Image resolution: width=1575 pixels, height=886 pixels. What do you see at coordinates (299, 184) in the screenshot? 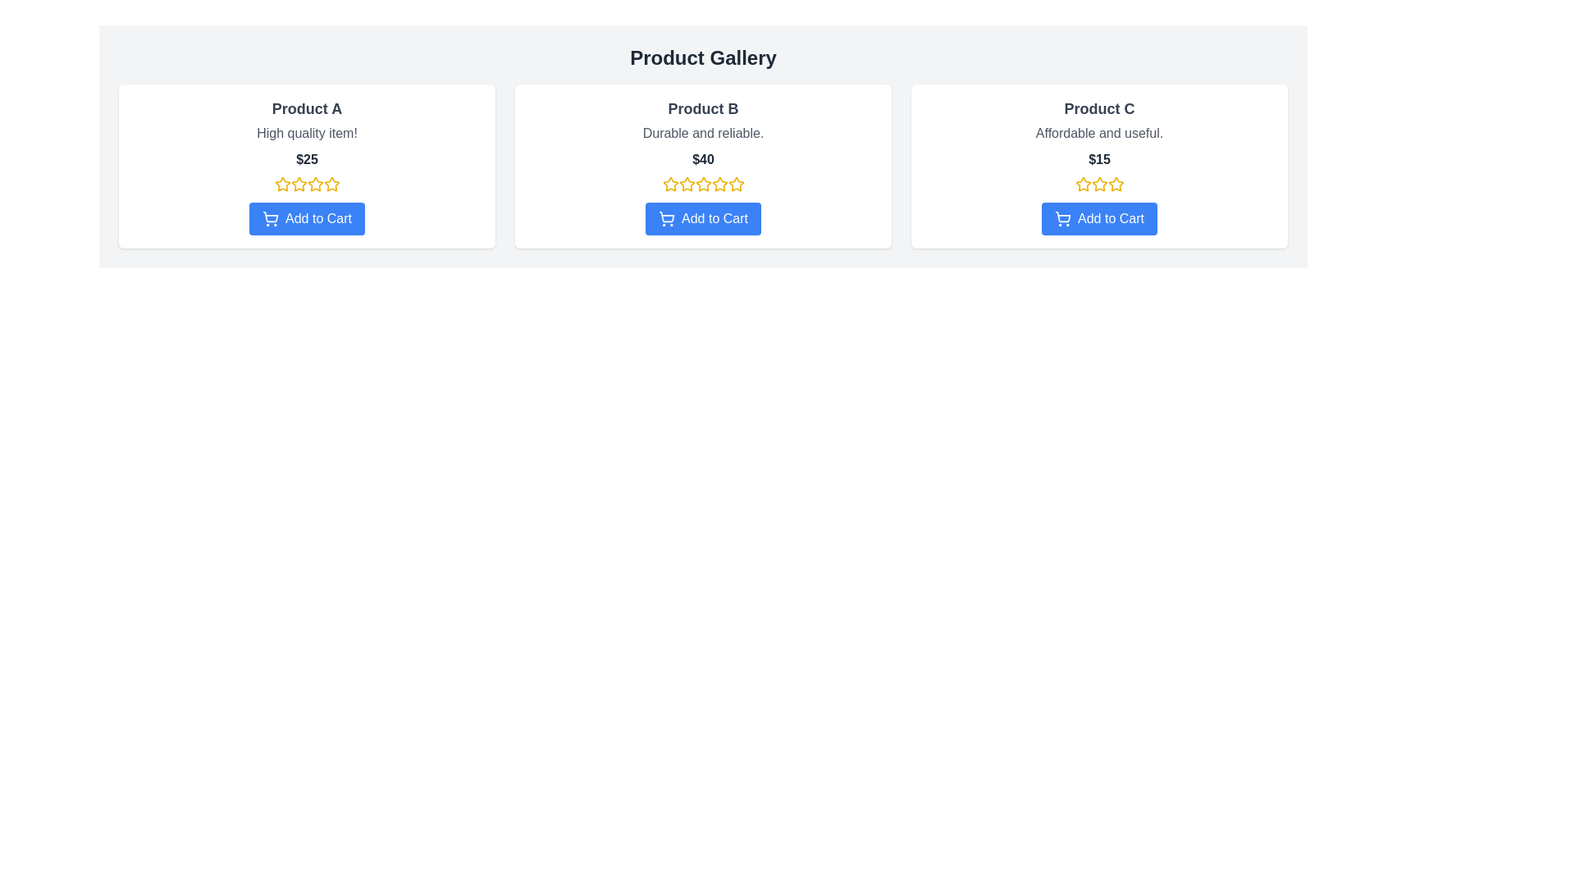
I see `the second yellow, hollow five-pointed star icon in the rating group for 'Product A' to provide a 2-star rating` at bounding box center [299, 184].